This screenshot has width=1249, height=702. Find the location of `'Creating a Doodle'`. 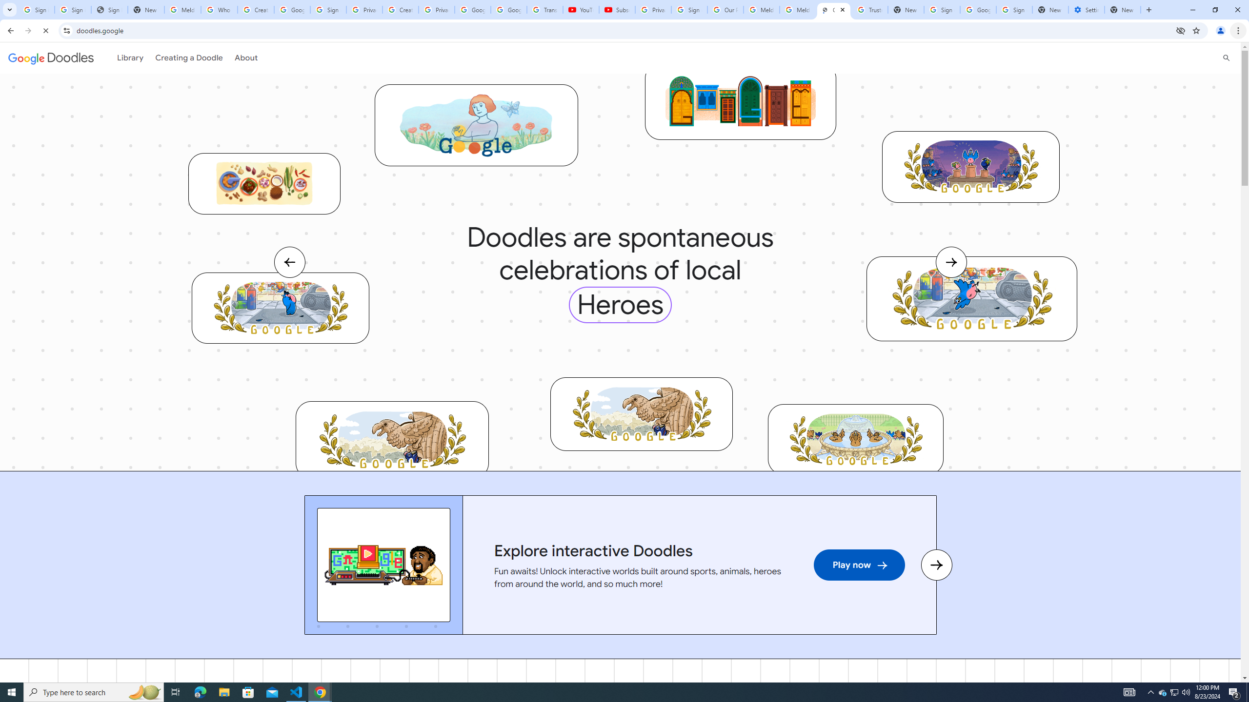

'Creating a Doodle' is located at coordinates (185, 58).